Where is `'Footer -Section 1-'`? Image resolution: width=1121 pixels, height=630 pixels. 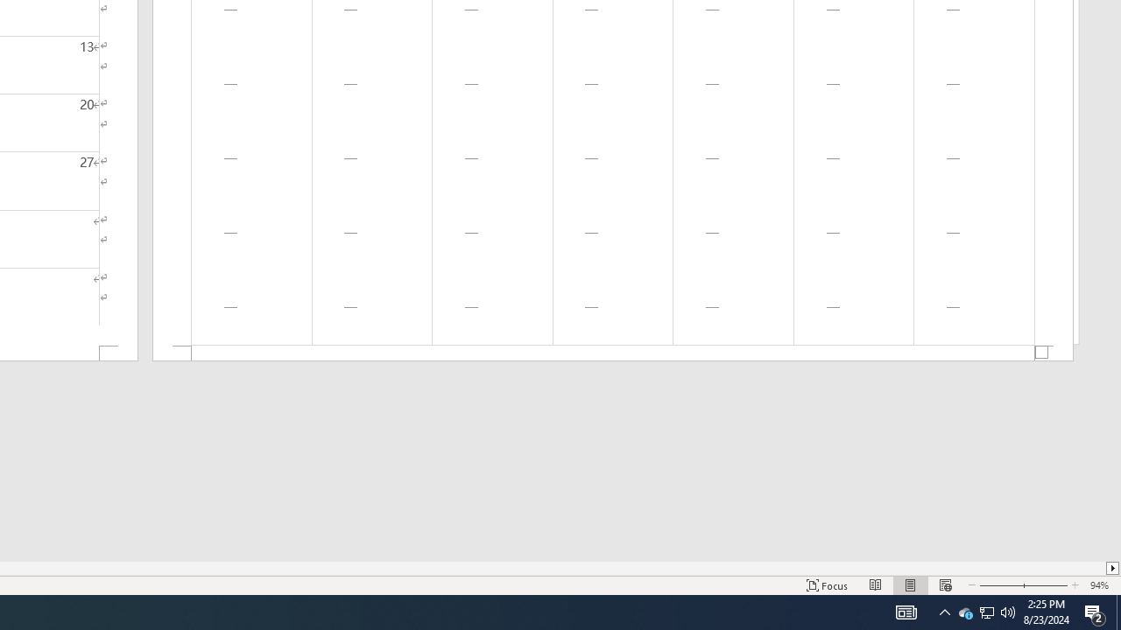
'Footer -Section 1-' is located at coordinates (613, 353).